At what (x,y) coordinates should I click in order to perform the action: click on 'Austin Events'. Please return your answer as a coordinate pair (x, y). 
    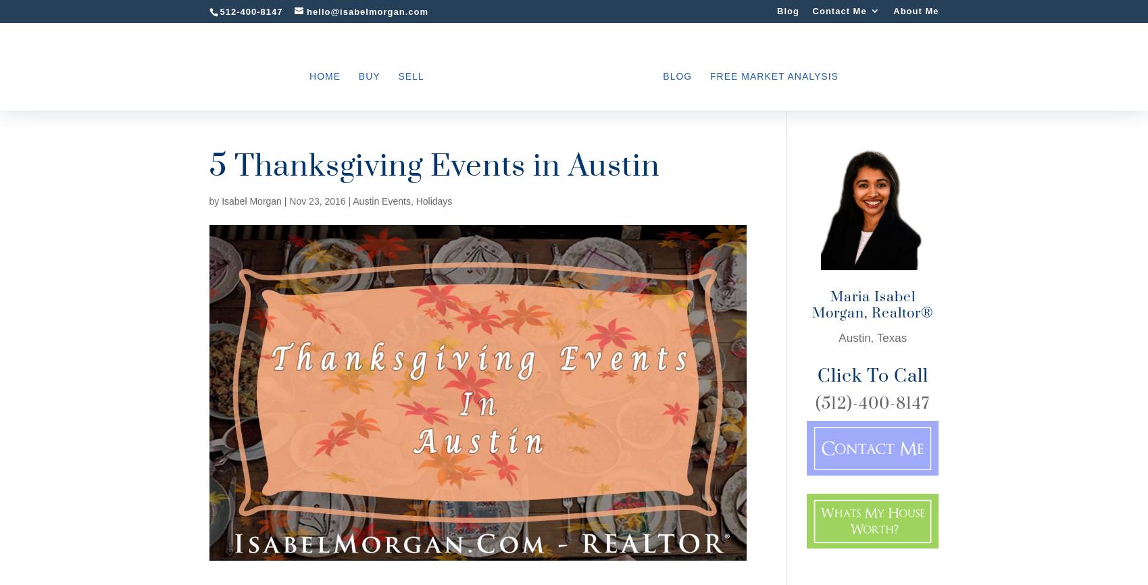
    Looking at the image, I should click on (380, 200).